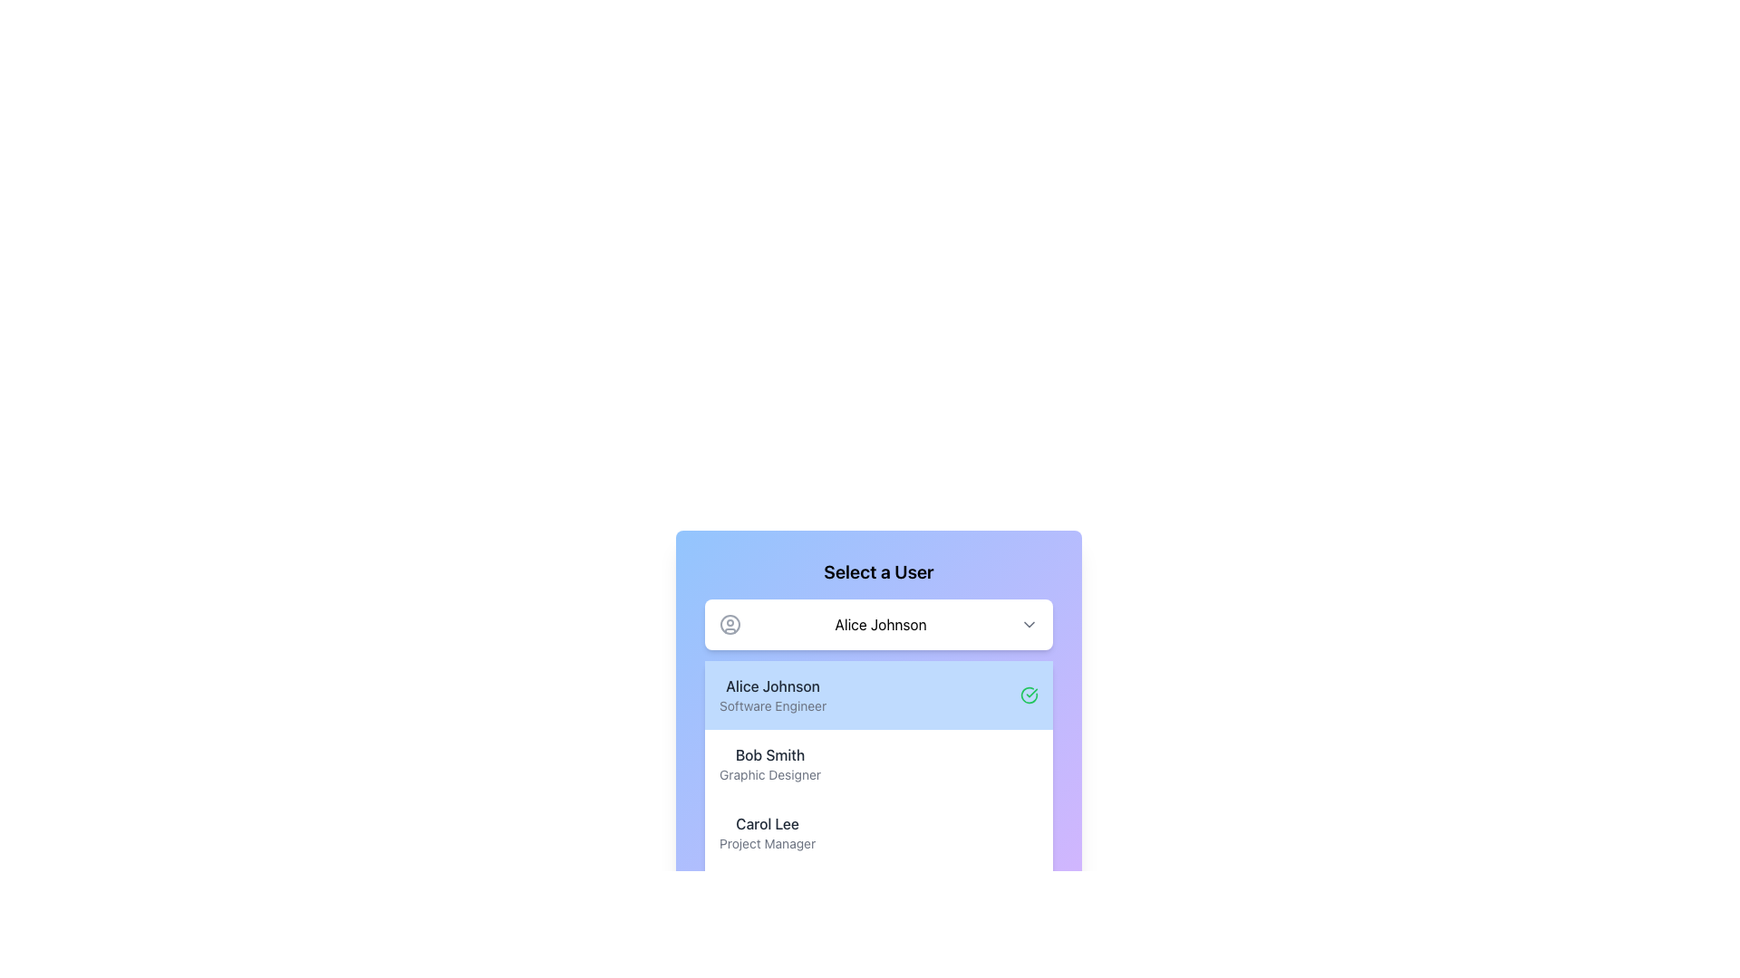 The height and width of the screenshot is (978, 1740). What do you see at coordinates (773, 686) in the screenshot?
I see `the text display element showing 'Alice Johnson', which is styled with medium font weight and gray color, located in the user selection panel under 'Select a User'` at bounding box center [773, 686].